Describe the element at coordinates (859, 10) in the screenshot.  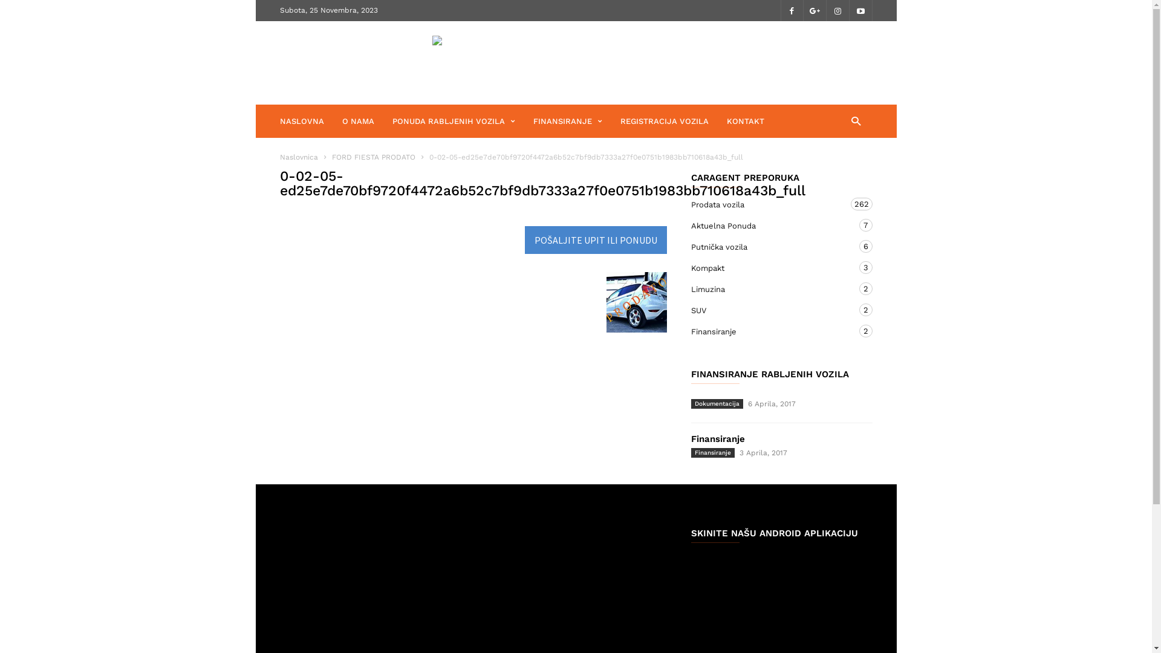
I see `'Youtube'` at that location.